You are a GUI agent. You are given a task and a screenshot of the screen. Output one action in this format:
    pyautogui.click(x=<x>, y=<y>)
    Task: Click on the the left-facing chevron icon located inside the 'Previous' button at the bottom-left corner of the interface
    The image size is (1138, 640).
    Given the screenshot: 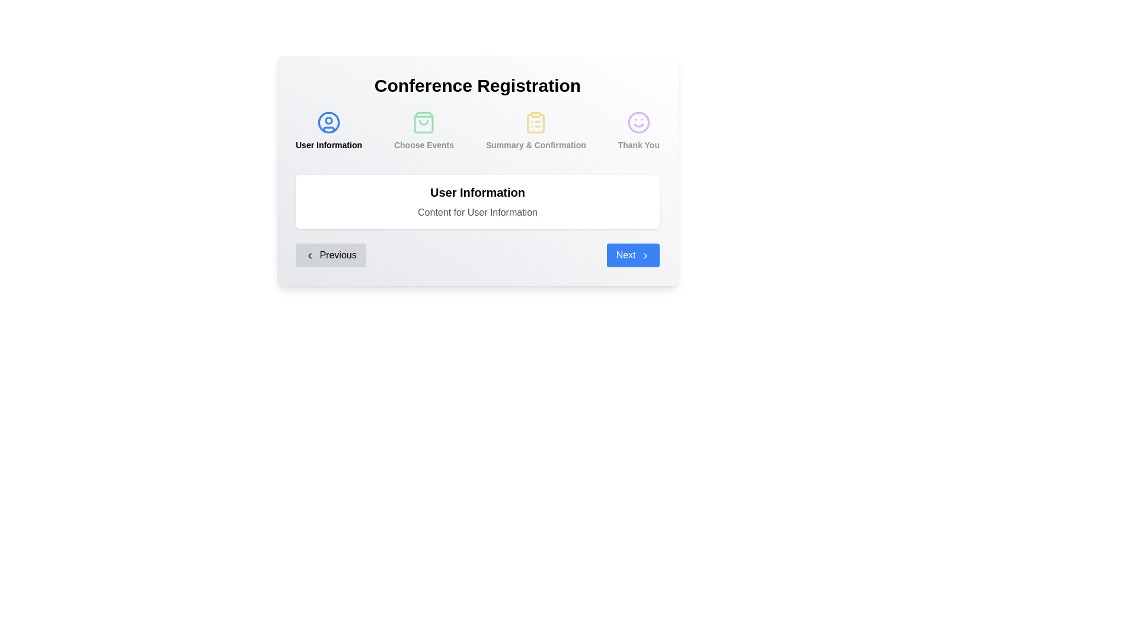 What is the action you would take?
    pyautogui.click(x=310, y=255)
    